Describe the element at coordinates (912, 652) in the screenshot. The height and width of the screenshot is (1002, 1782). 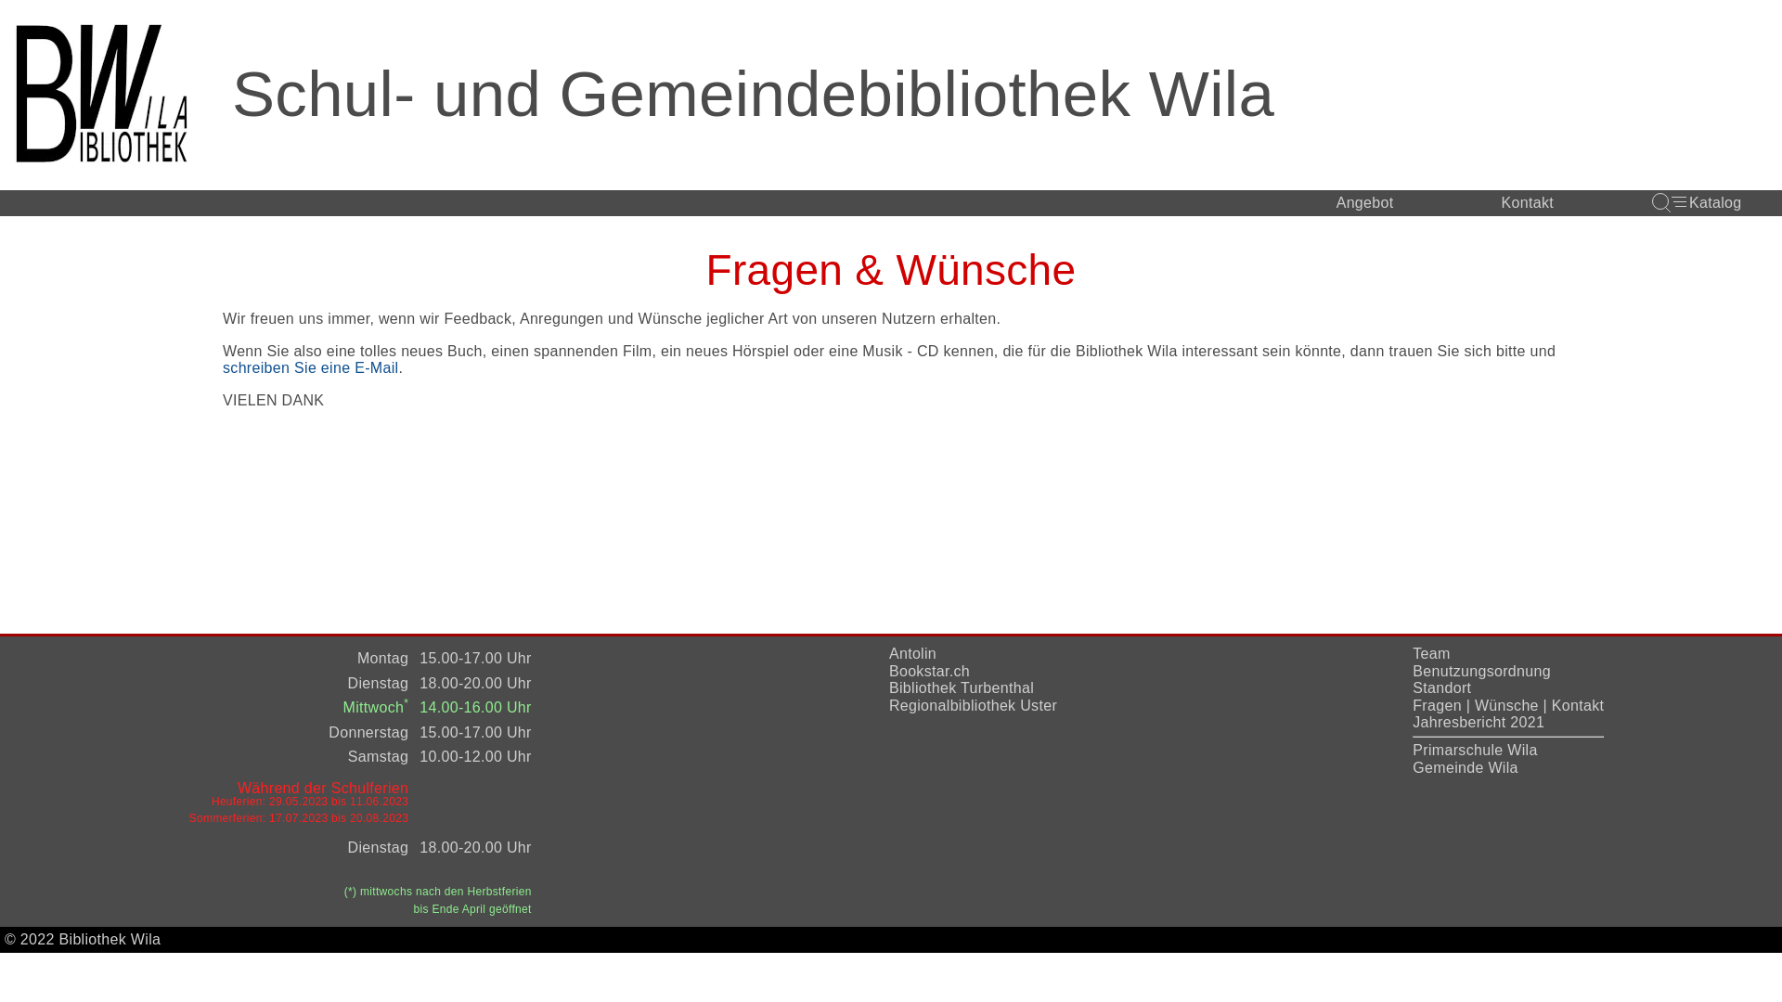
I see `'Antolin'` at that location.